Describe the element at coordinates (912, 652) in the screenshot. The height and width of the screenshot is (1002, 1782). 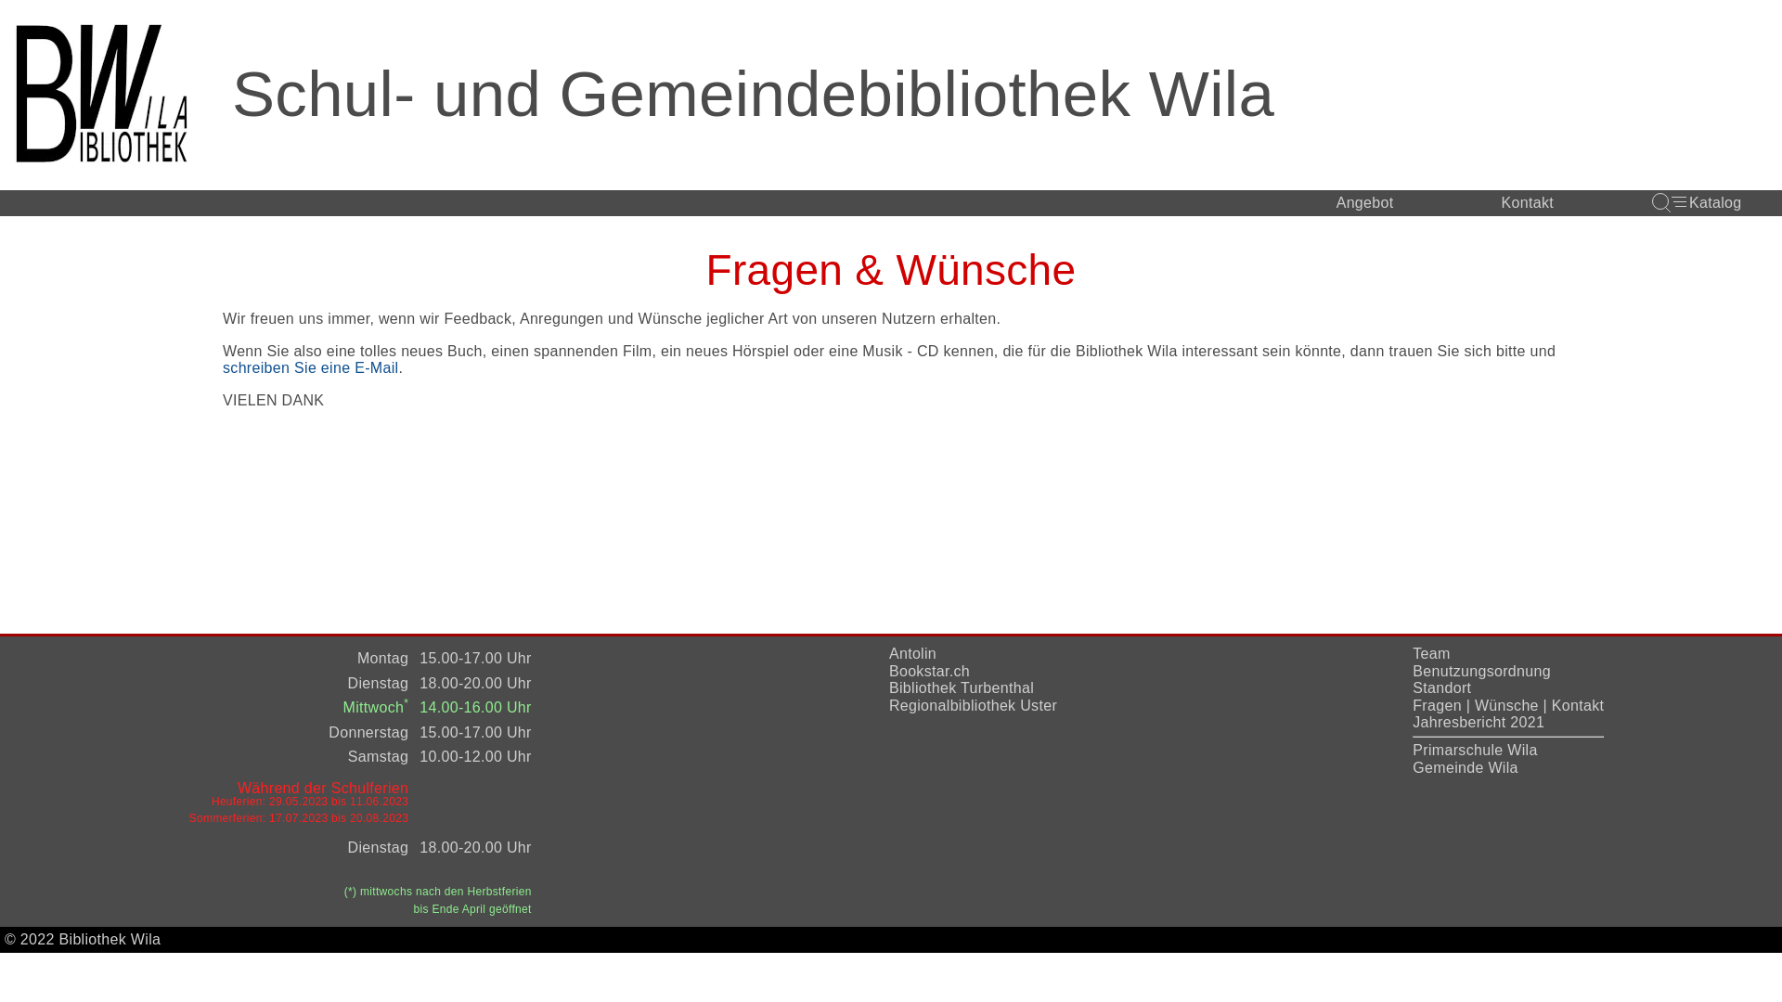
I see `'Antolin'` at that location.